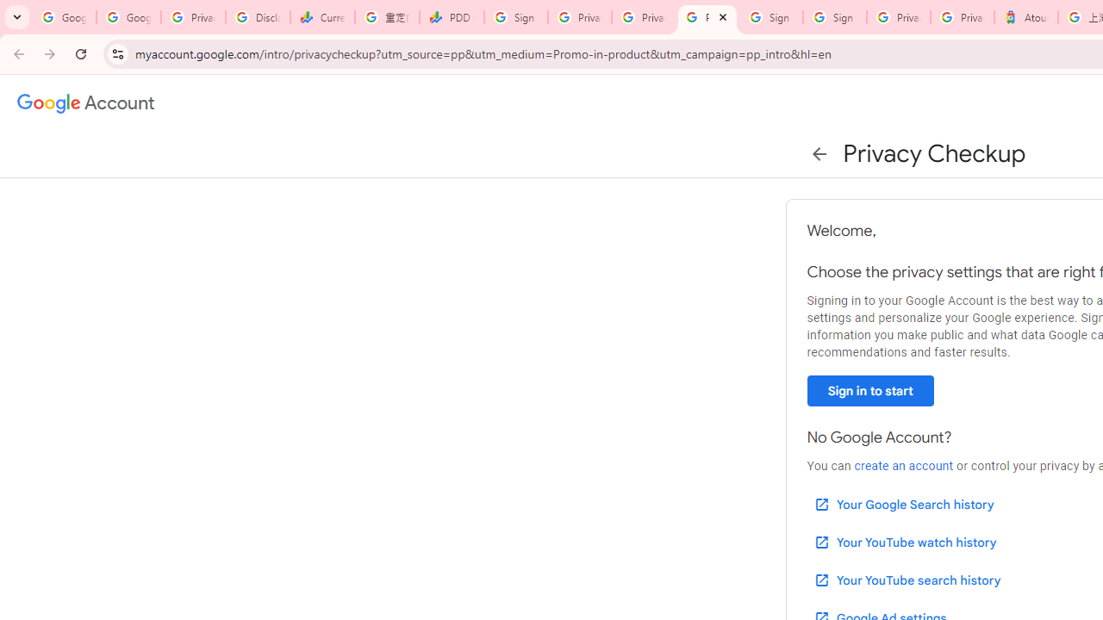 This screenshot has width=1103, height=620. I want to click on 'Your YouTube search history', so click(906, 580).